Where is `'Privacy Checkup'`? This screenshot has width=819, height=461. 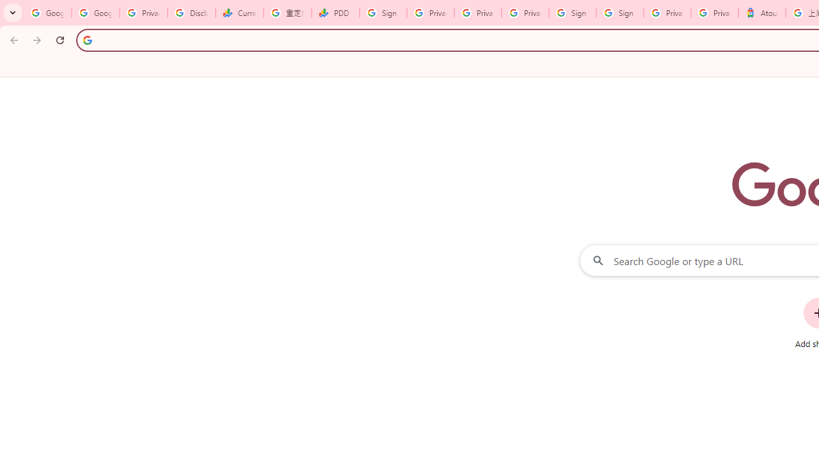 'Privacy Checkup' is located at coordinates (525, 13).